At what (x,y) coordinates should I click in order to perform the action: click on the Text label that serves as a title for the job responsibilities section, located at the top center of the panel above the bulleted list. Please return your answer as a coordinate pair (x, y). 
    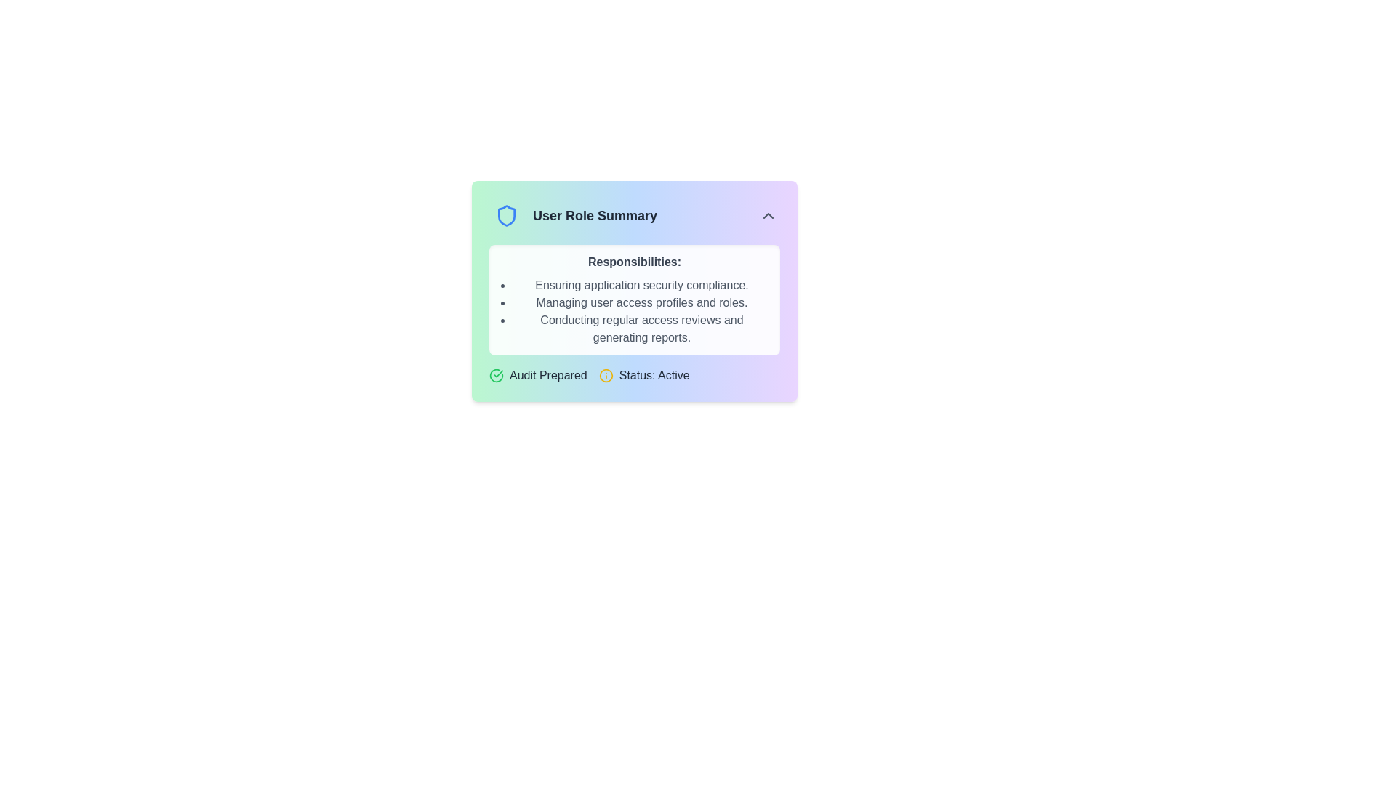
    Looking at the image, I should click on (635, 262).